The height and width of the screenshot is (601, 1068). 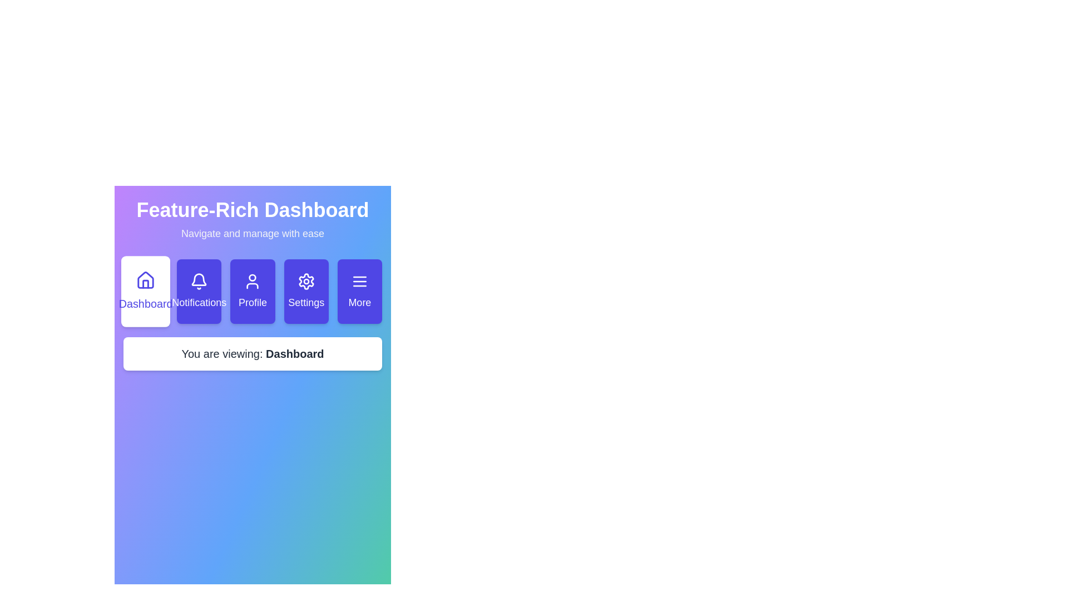 What do you see at coordinates (145, 280) in the screenshot?
I see `the 'Dashboard' icon located at the top-left of the navigation bar` at bounding box center [145, 280].